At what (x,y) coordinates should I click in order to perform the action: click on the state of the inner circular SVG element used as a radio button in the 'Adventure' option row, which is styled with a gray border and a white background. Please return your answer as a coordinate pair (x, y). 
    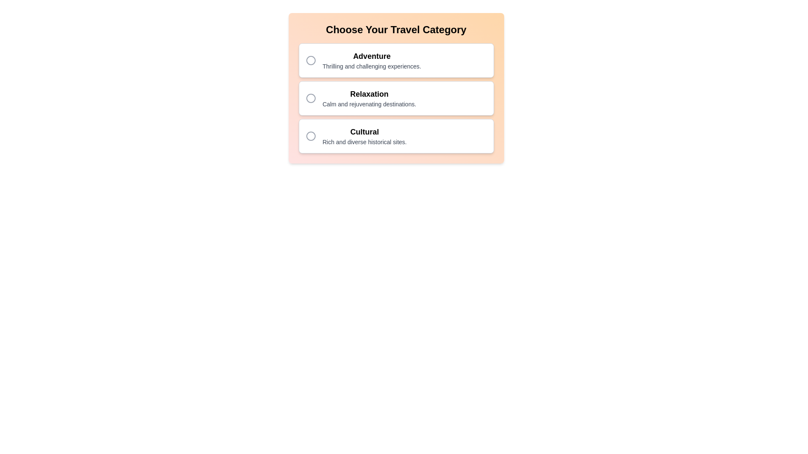
    Looking at the image, I should click on (310, 60).